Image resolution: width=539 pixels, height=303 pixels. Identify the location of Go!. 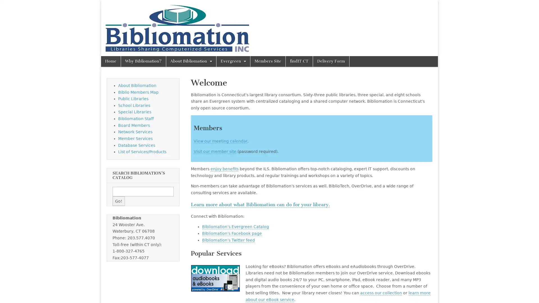
(118, 201).